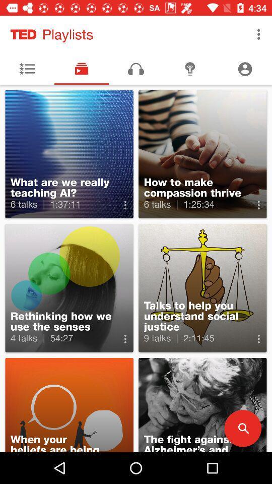 The height and width of the screenshot is (484, 272). I want to click on the search icon, so click(242, 428).